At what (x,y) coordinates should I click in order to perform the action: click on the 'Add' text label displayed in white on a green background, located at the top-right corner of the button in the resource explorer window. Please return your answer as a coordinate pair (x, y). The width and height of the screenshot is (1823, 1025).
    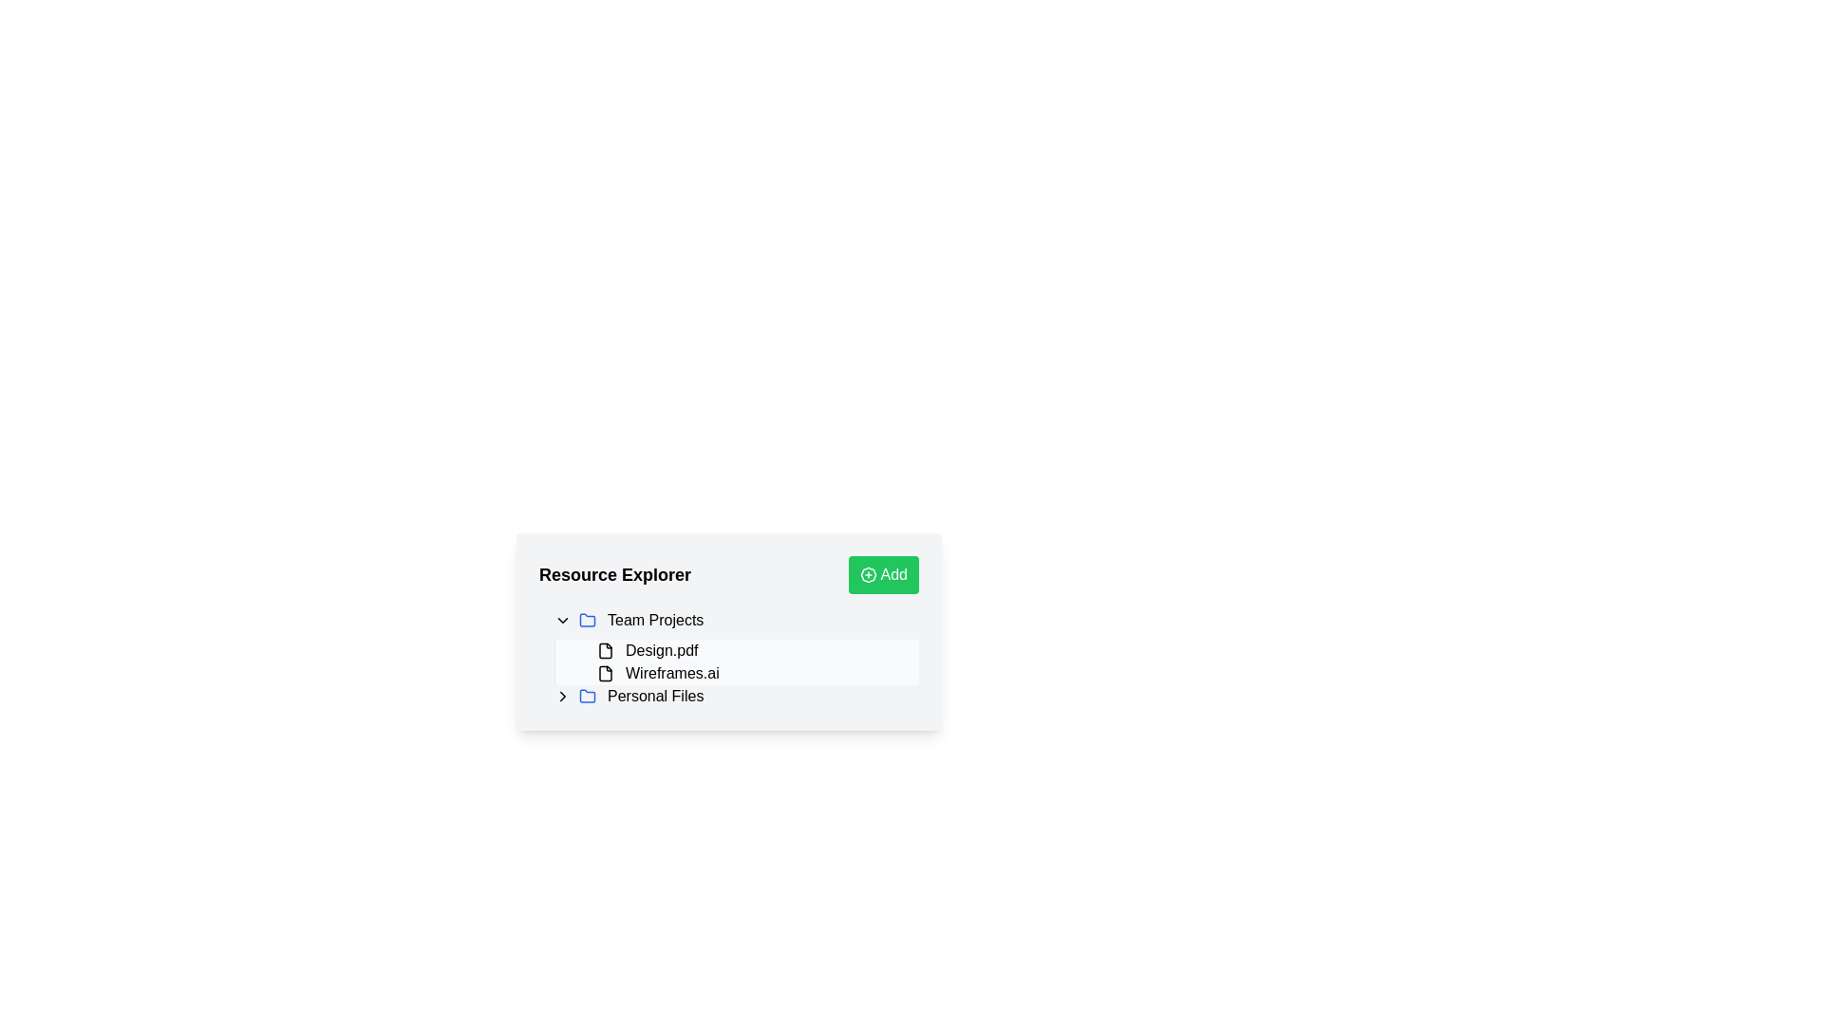
    Looking at the image, I should click on (893, 573).